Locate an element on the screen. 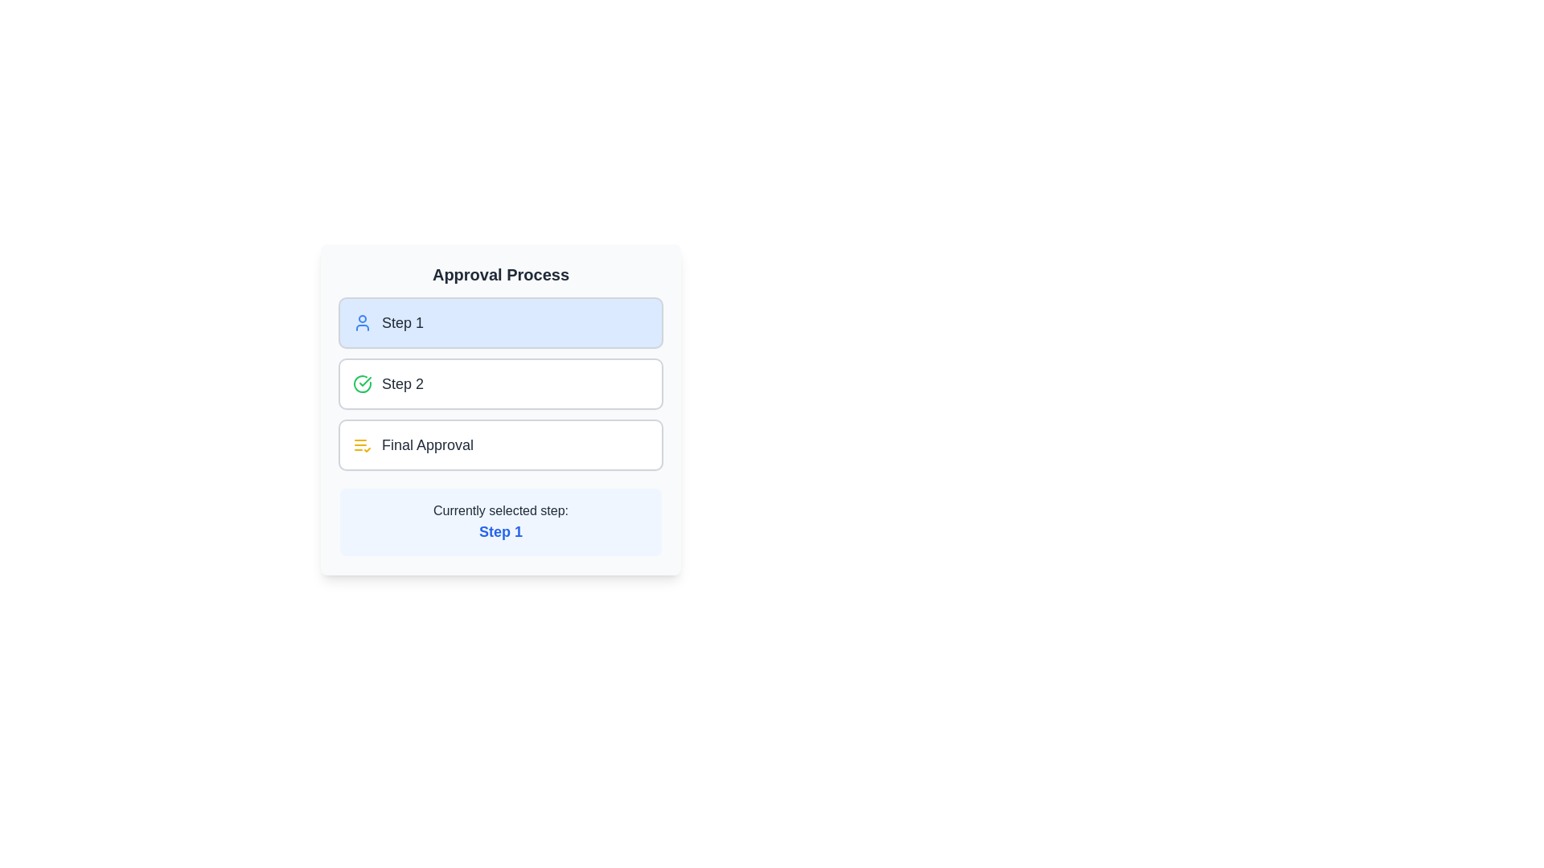  the step Step 2 by clicking on its corresponding section is located at coordinates (500, 384).